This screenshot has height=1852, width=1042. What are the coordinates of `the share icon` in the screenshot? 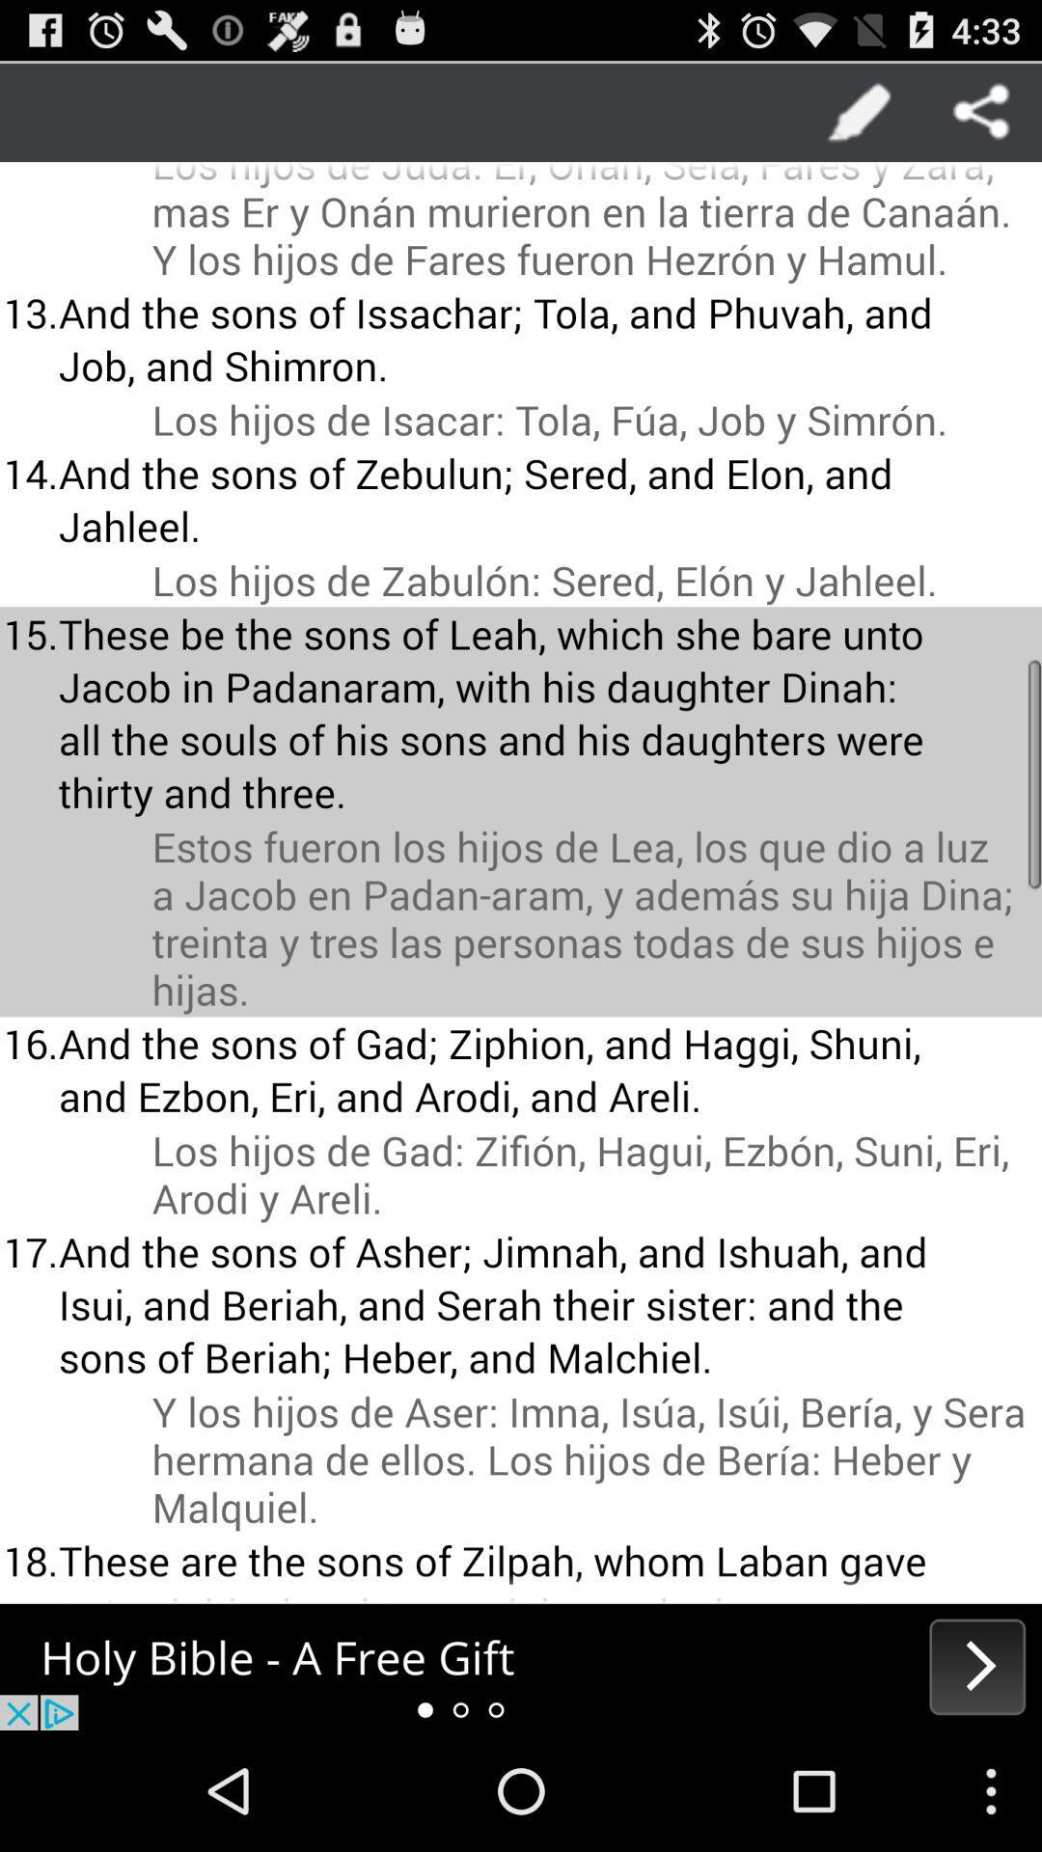 It's located at (981, 118).